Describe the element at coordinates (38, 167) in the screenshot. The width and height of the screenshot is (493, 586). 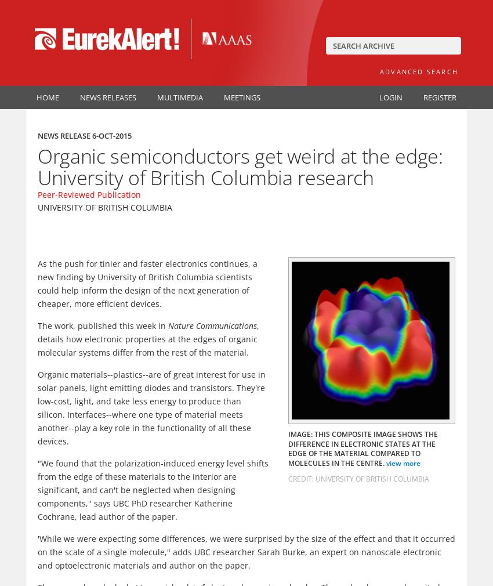
I see `'Organic semiconductors get weird at the edge: University of British Columbia research'` at that location.